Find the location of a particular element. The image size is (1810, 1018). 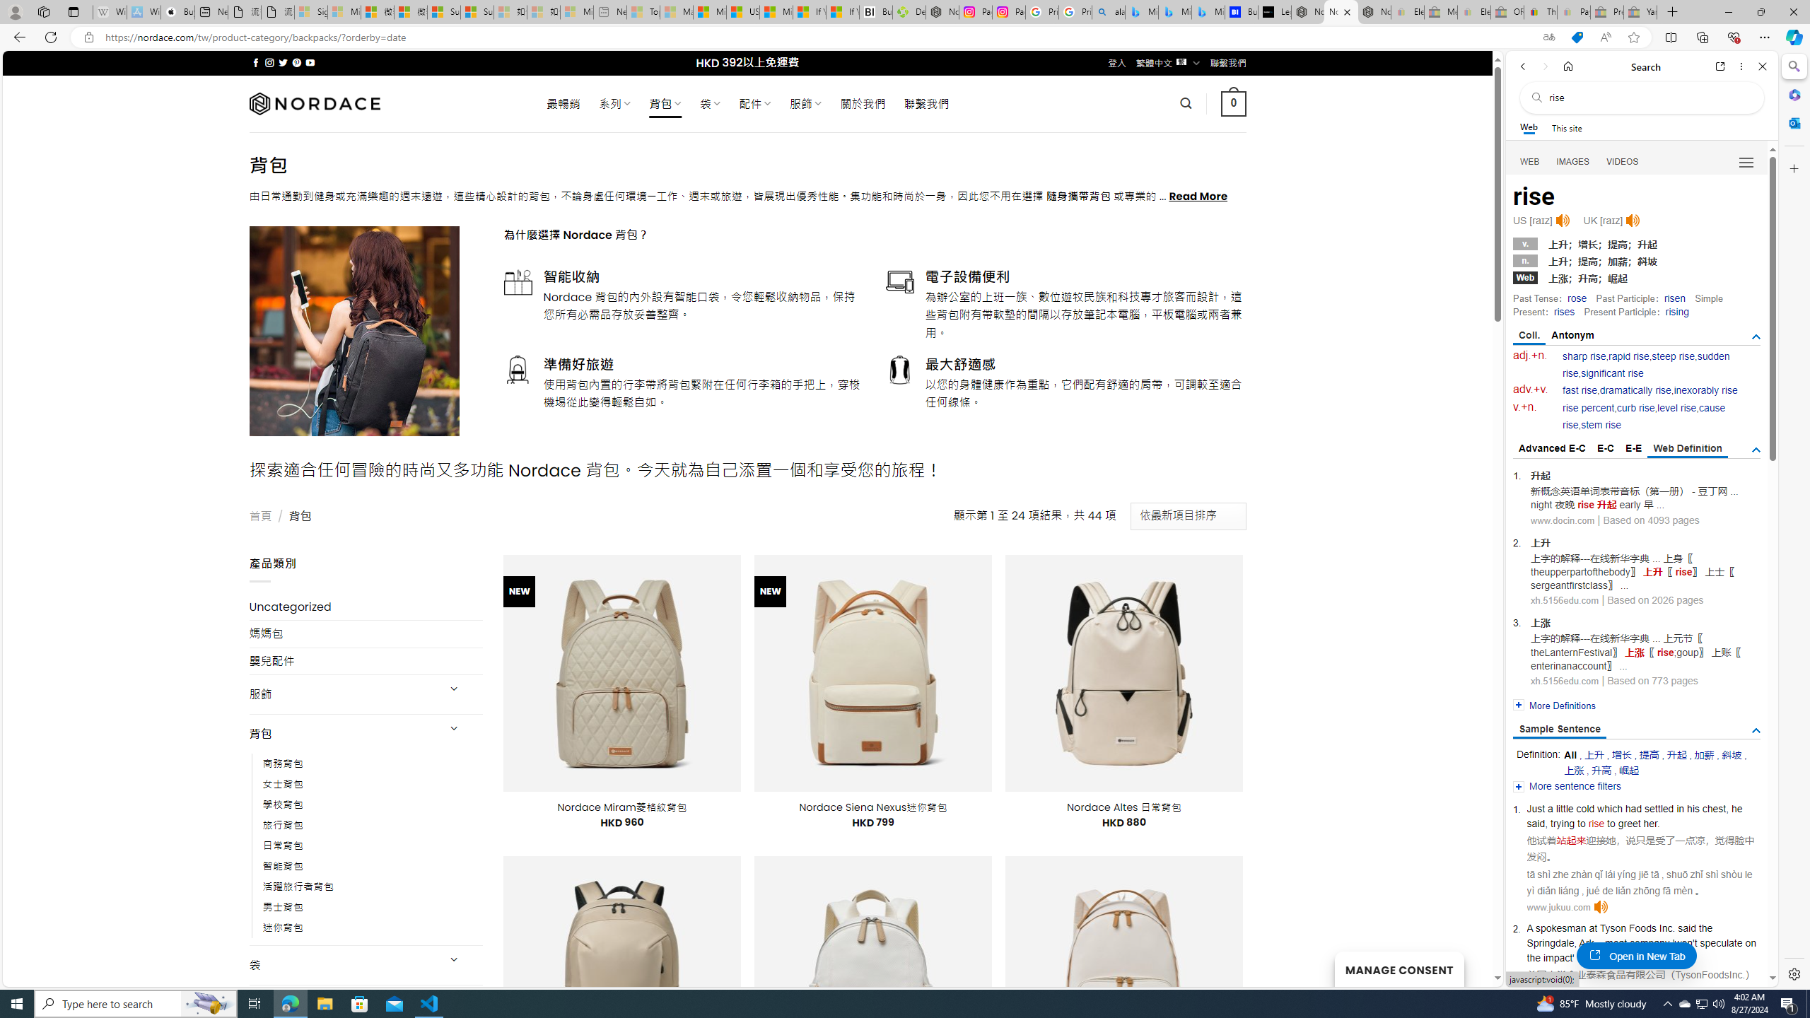

'xh.5156edu.com' is located at coordinates (1565, 680).